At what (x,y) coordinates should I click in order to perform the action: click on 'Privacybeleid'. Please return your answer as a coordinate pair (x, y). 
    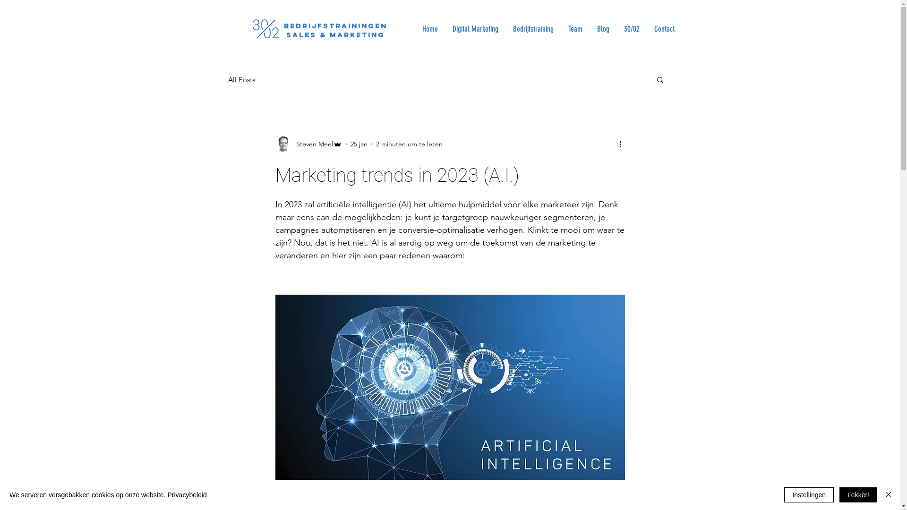
    Looking at the image, I should click on (167, 494).